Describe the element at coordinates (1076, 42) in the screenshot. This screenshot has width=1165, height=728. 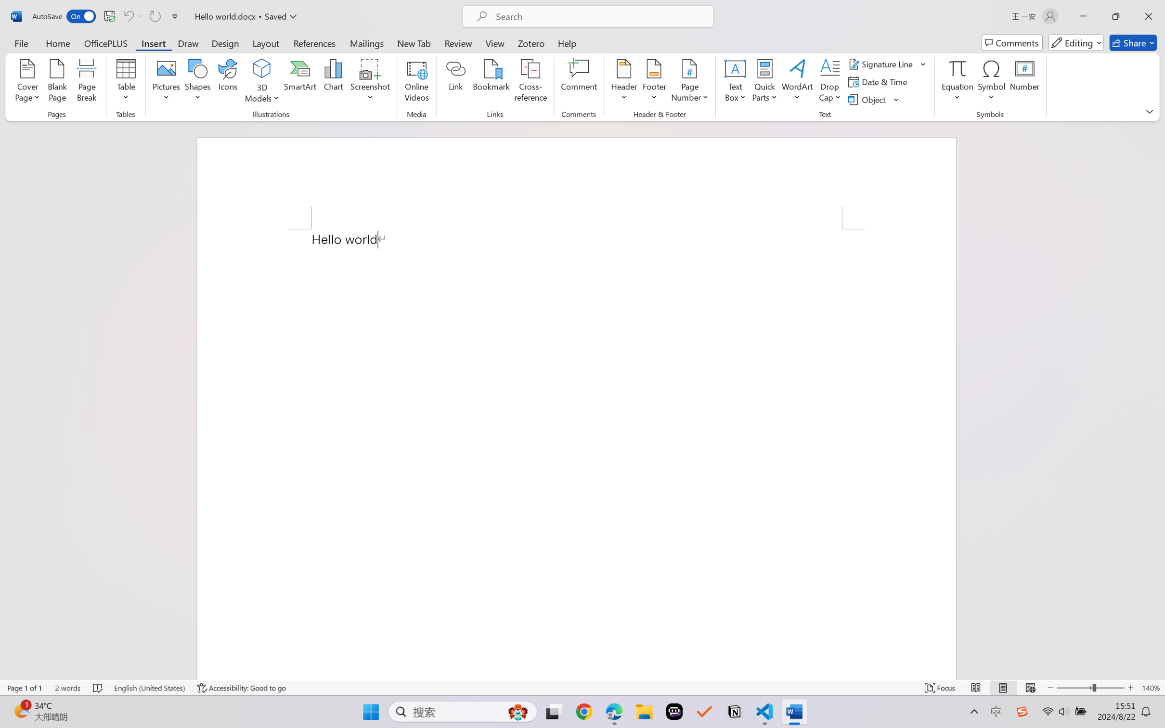
I see `'Mode'` at that location.